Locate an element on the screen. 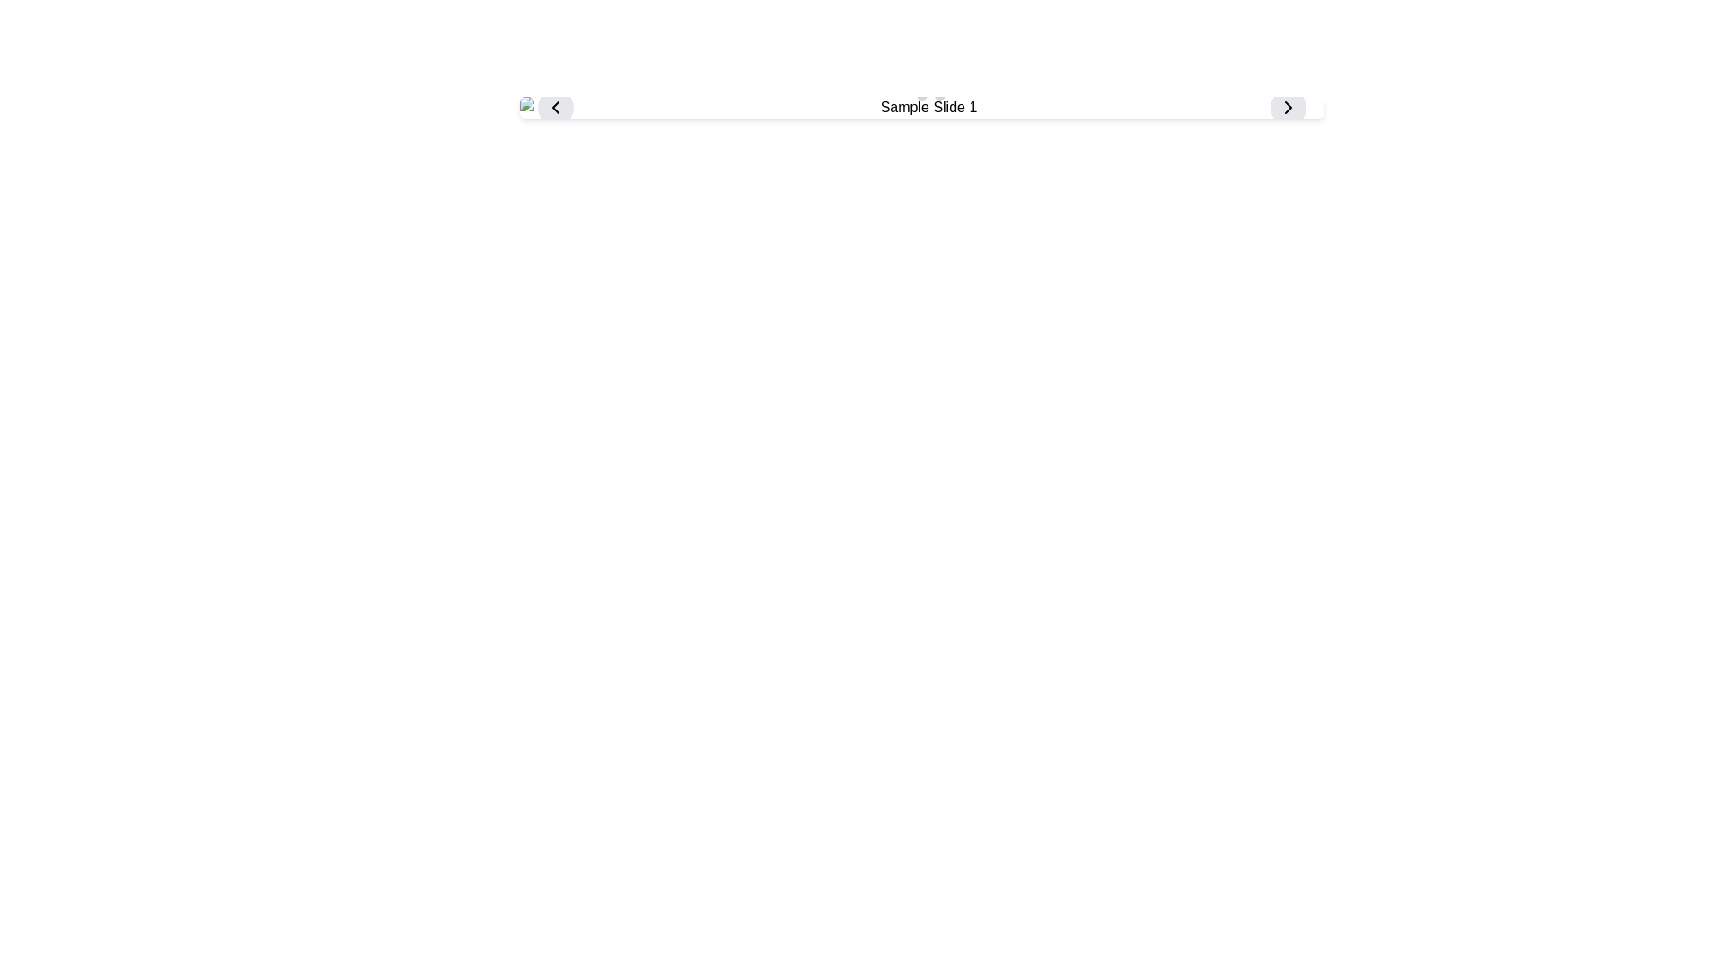  the 'go back' or 'navigate left' icon located in the top-left corner of the interface, next to the page title 'Sample Slide 1' is located at coordinates (554, 107).